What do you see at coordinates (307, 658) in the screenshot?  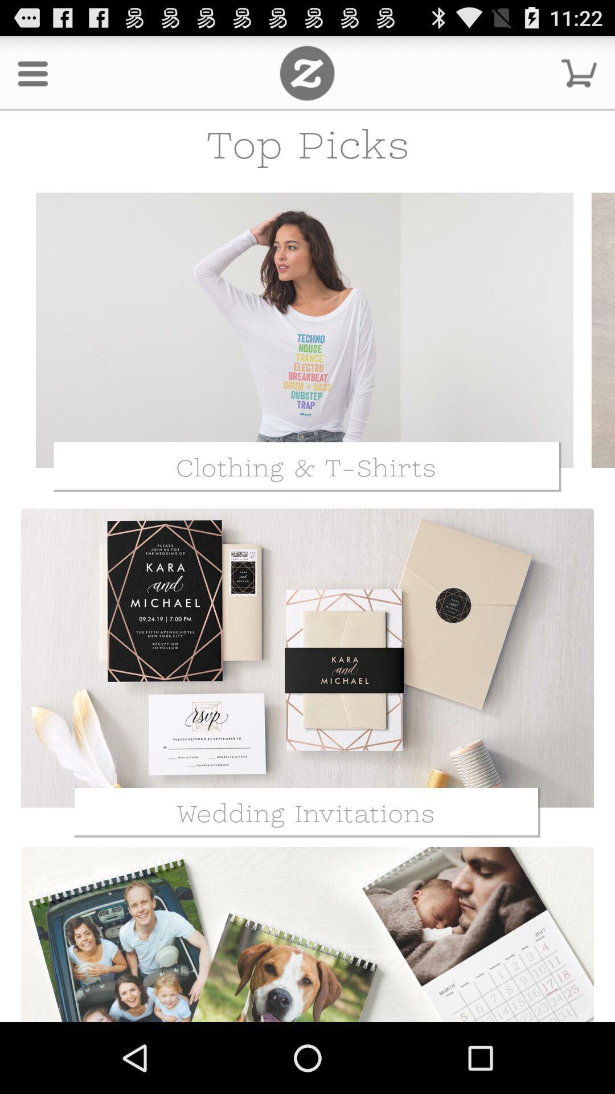 I see `the second image` at bounding box center [307, 658].